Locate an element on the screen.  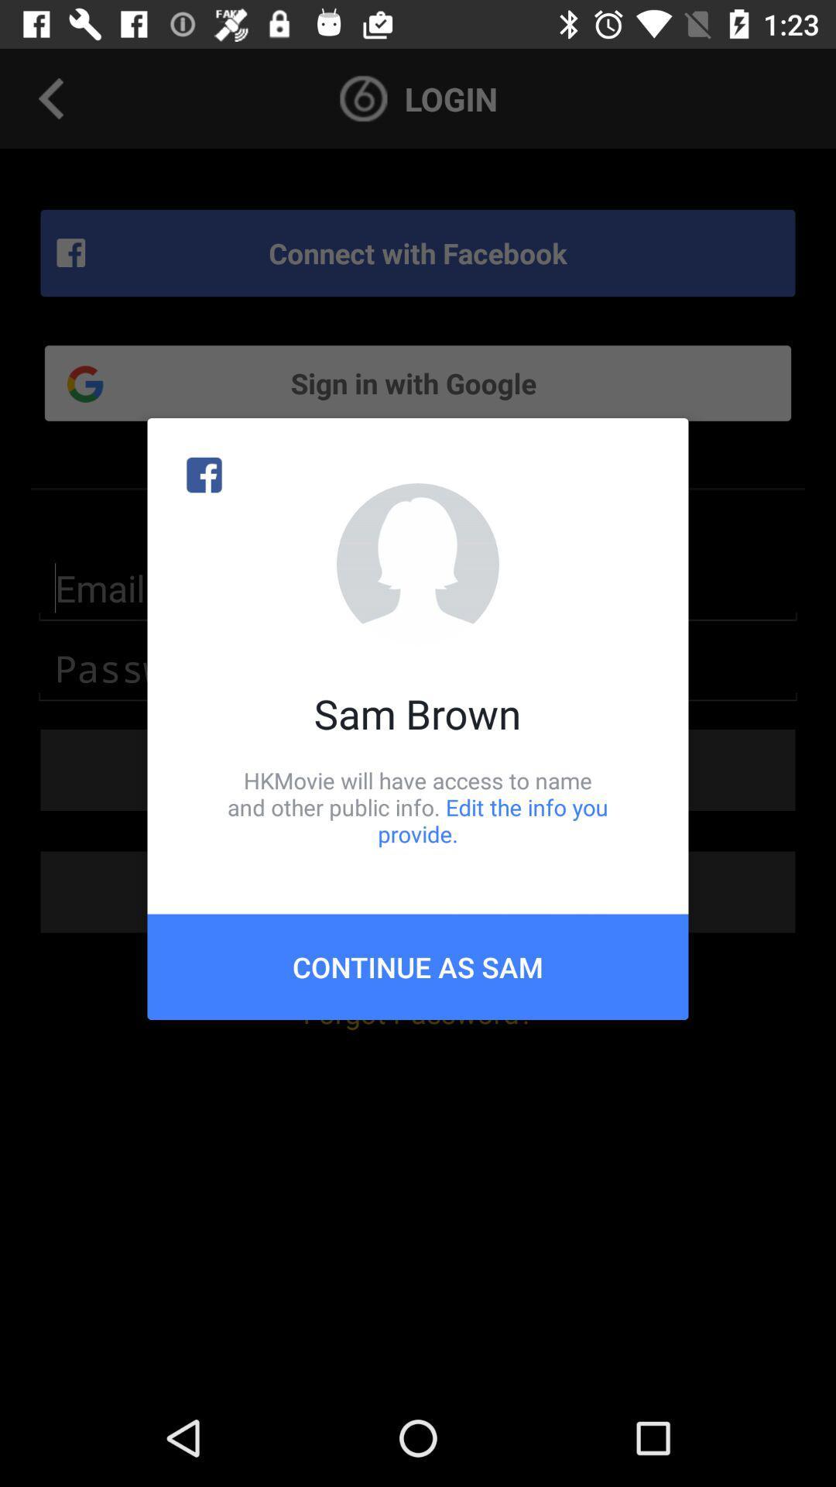
the continue as sam icon is located at coordinates (418, 966).